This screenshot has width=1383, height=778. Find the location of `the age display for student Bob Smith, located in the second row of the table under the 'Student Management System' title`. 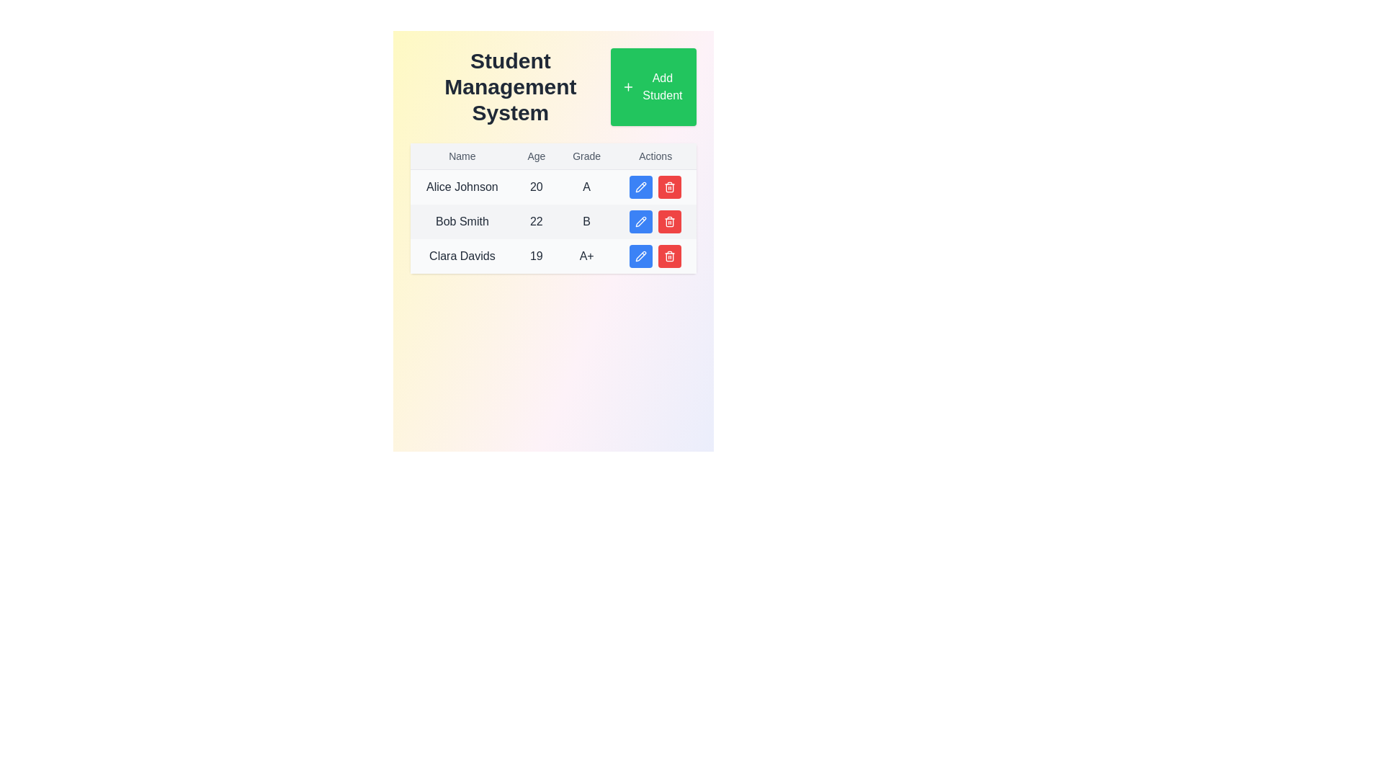

the age display for student Bob Smith, located in the second row of the table under the 'Student Management System' title is located at coordinates (535, 222).